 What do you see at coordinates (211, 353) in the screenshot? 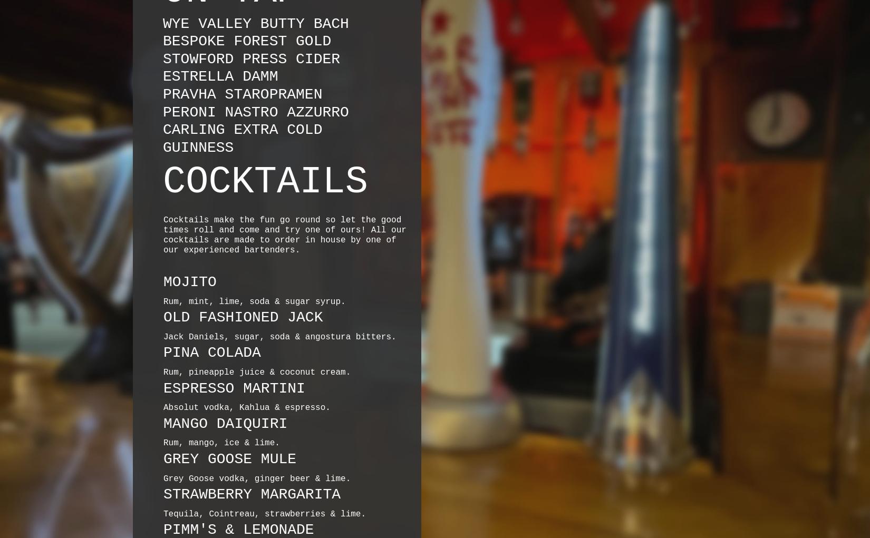
I see `'PINA COLADA'` at bounding box center [211, 353].